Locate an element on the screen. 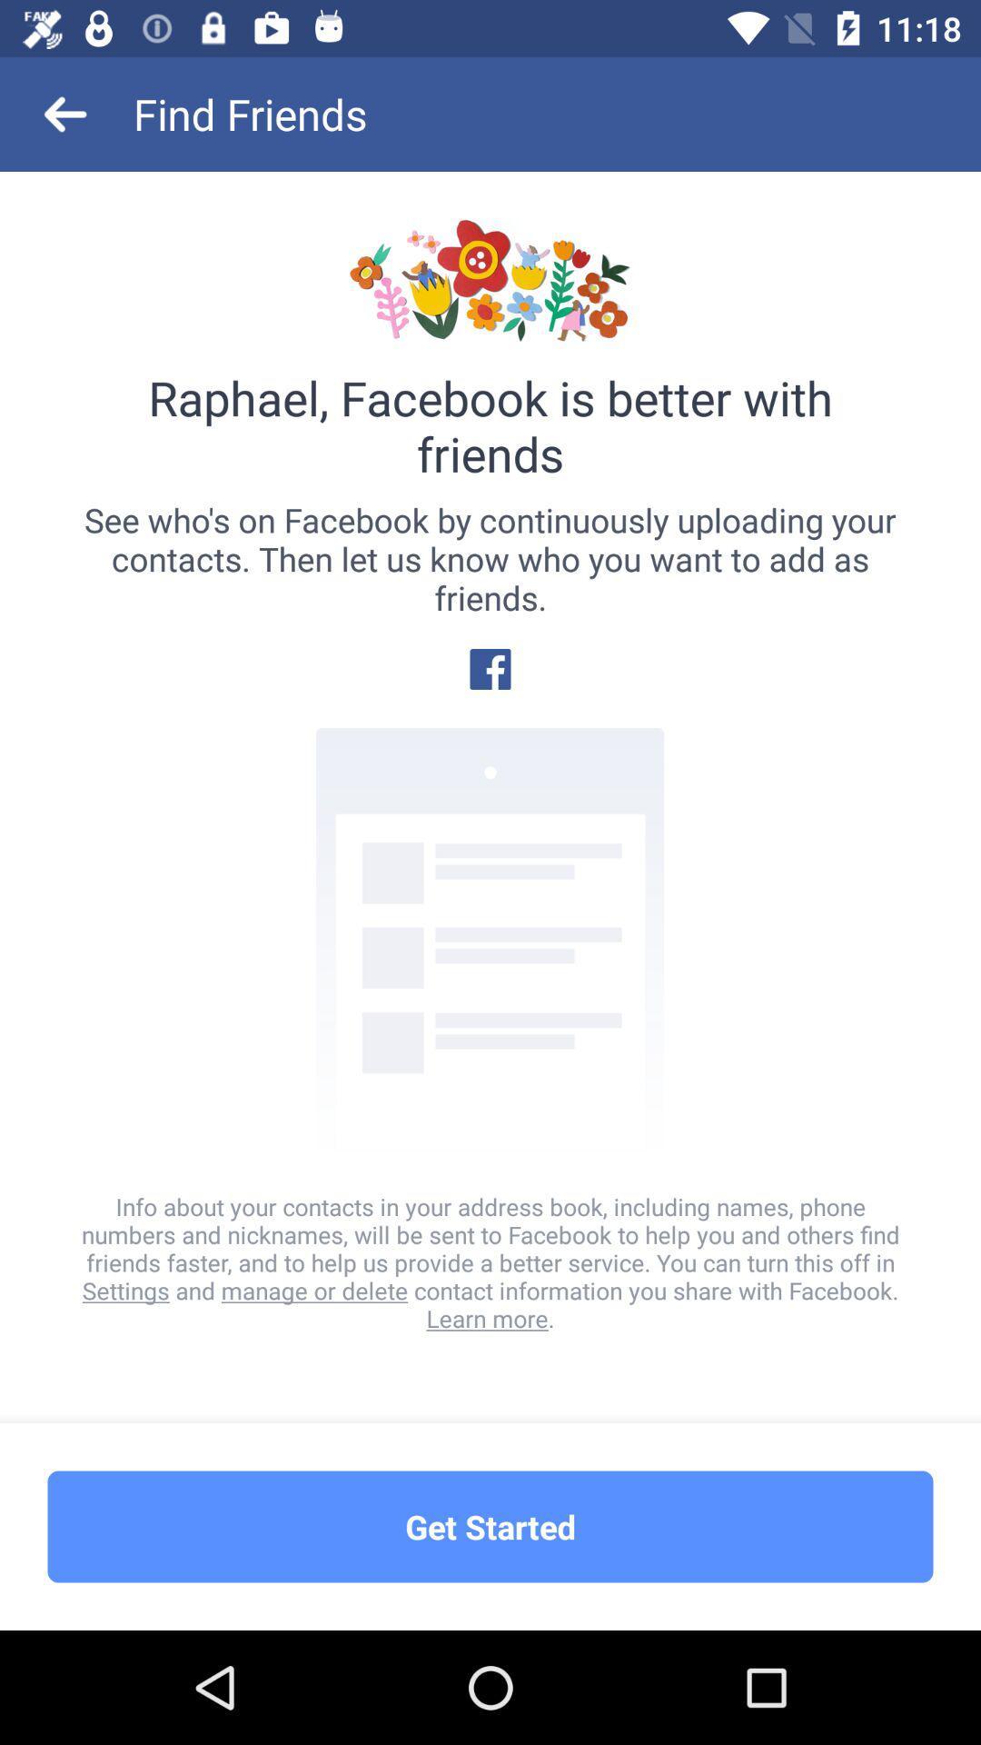 The image size is (981, 1745). the icon to the left of the find friends is located at coordinates (65, 113).